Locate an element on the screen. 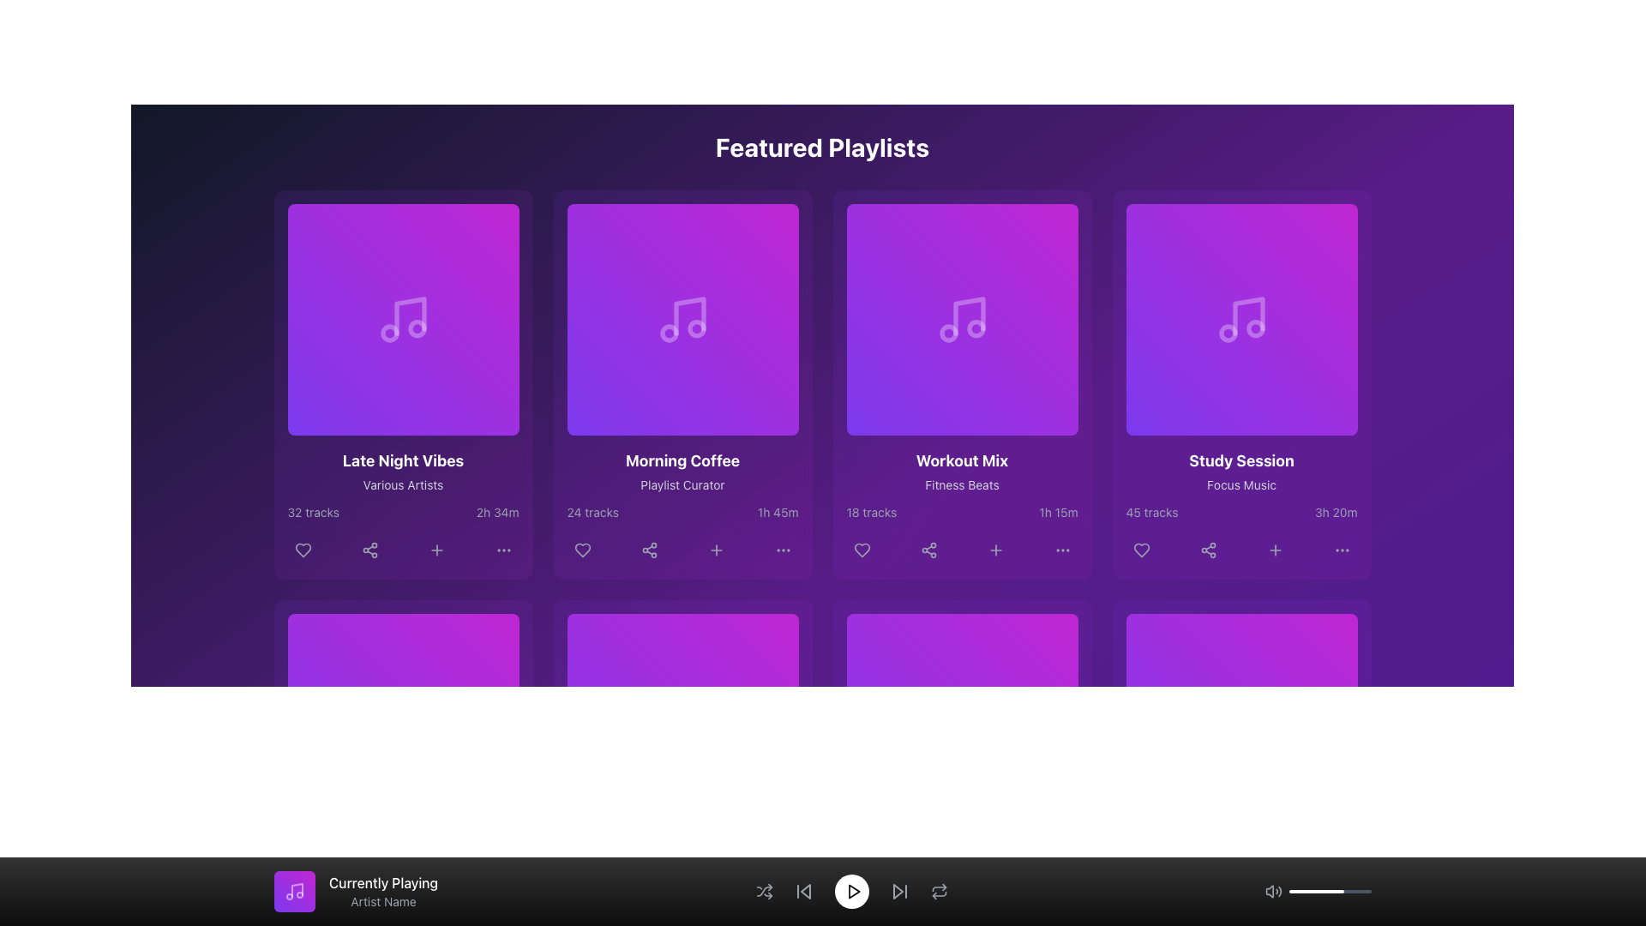 The height and width of the screenshot is (926, 1646). the music note icon located in the center of the 'Morning Coffee' playlist card is located at coordinates (682, 320).